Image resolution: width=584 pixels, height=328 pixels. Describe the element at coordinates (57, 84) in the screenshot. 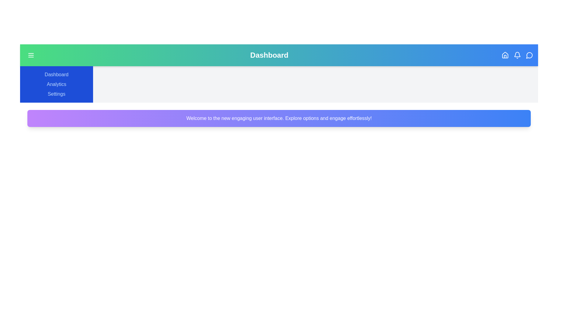

I see `the 'Analytics' link in the sidebar` at that location.